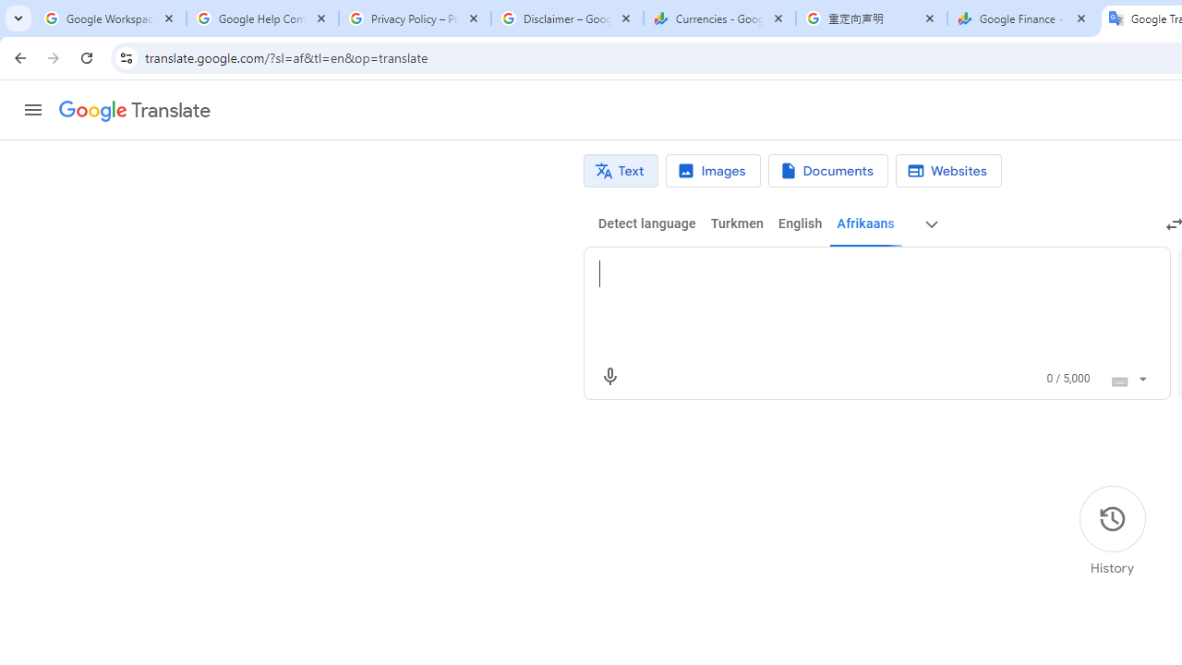 Image resolution: width=1182 pixels, height=665 pixels. I want to click on 'Text translation', so click(621, 171).